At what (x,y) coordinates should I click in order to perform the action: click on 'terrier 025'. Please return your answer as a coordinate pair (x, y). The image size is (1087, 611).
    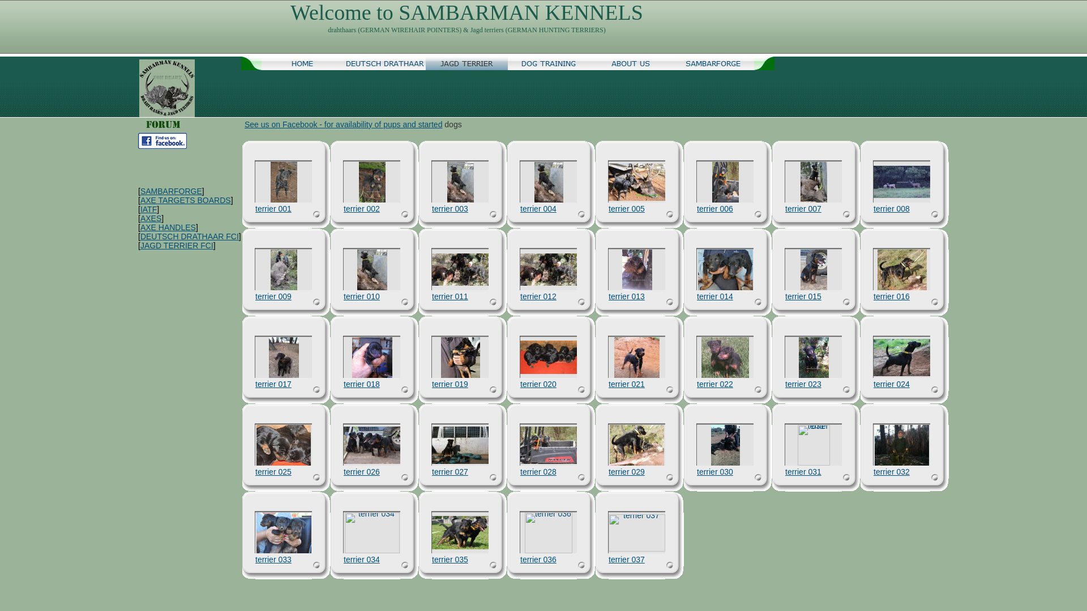
    Looking at the image, I should click on (283, 444).